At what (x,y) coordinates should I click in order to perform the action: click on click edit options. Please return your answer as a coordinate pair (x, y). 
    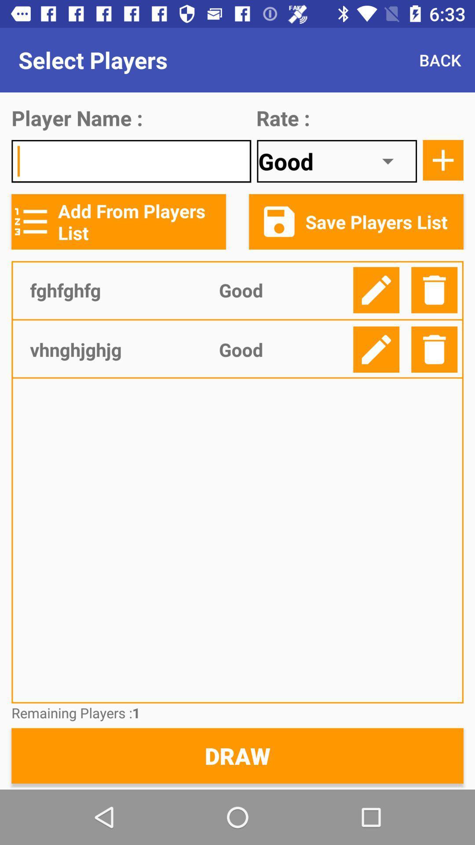
    Looking at the image, I should click on (376, 349).